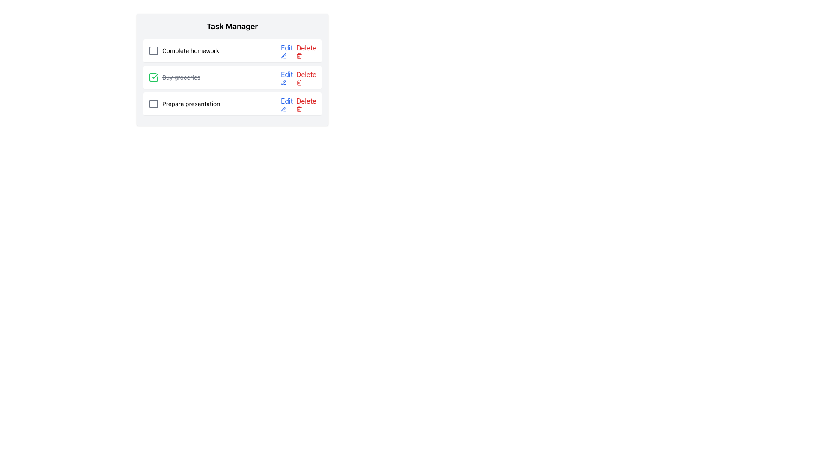 The height and width of the screenshot is (462, 822). What do you see at coordinates (154, 77) in the screenshot?
I see `the green checkbox icon with a check mark that indicates the task 'Buy groceries' has been completed` at bounding box center [154, 77].